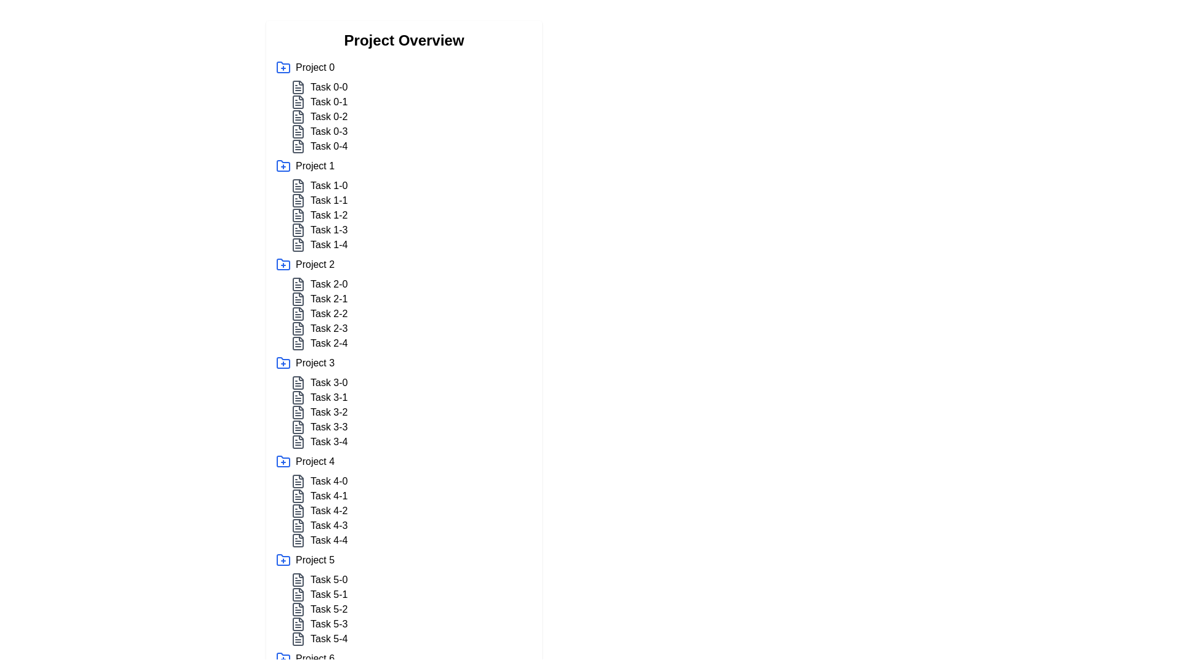 Image resolution: width=1183 pixels, height=665 pixels. I want to click on the document icon styled in gray, located to the left of the text 'Task 3-3' in the task list under 'Project 3', so click(298, 427).